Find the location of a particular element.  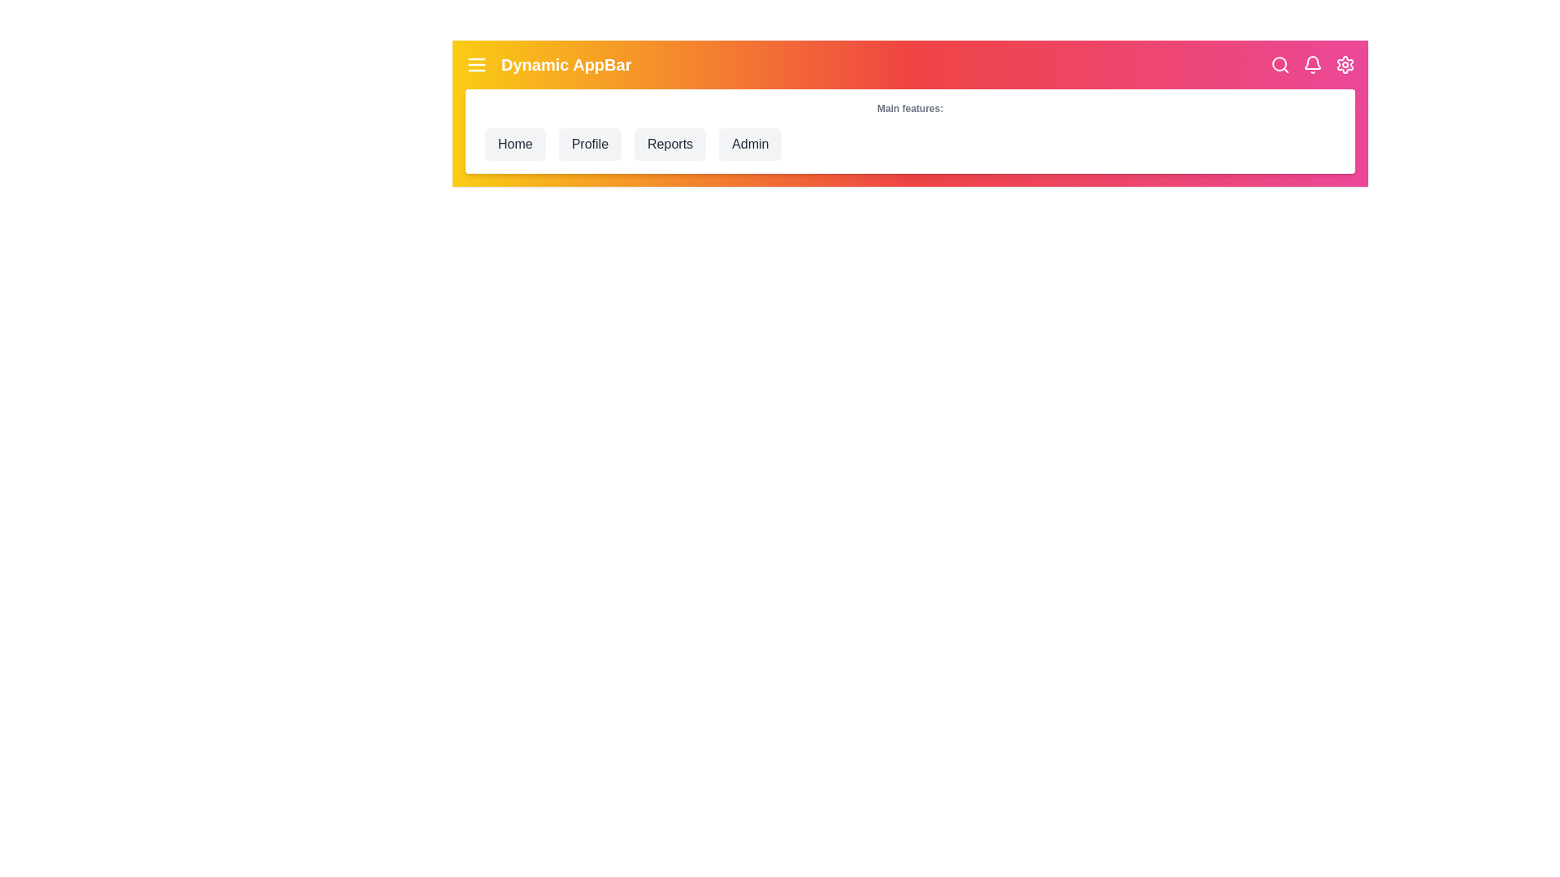

the Home navigation menu item to navigate to its respective section is located at coordinates (513, 143).